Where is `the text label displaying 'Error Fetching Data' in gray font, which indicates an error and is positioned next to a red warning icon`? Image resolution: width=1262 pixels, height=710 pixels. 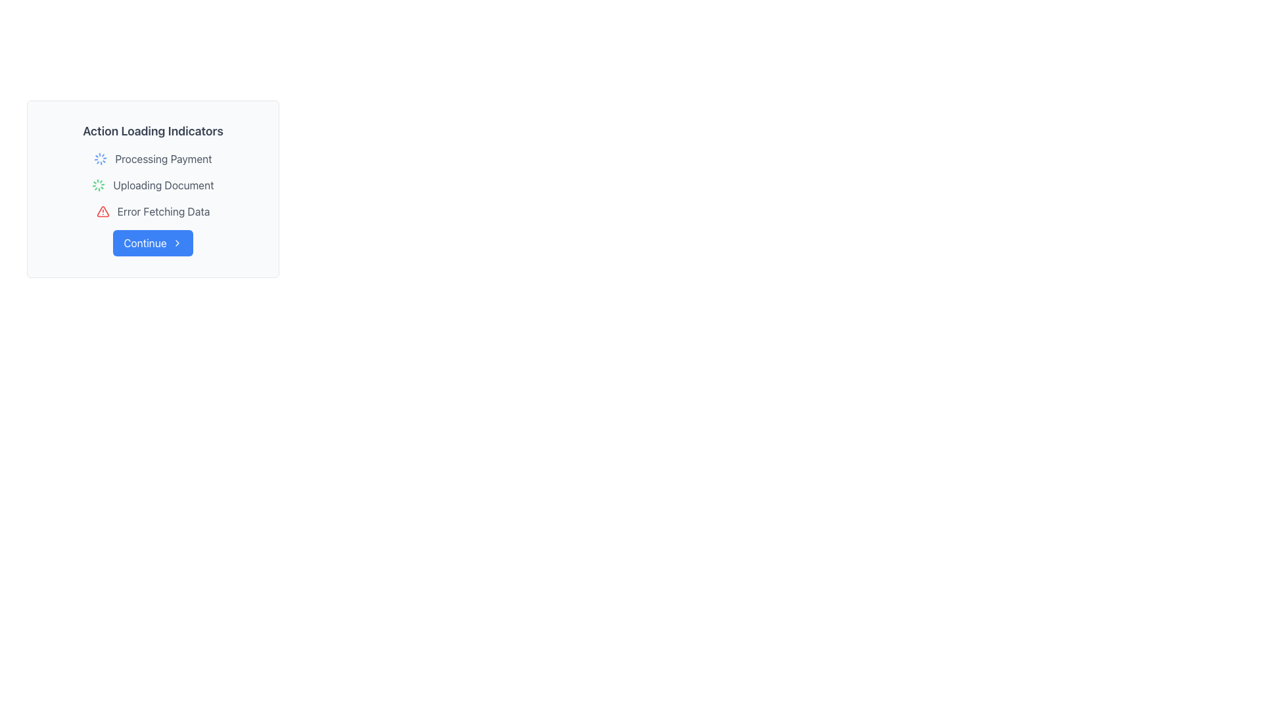
the text label displaying 'Error Fetching Data' in gray font, which indicates an error and is positioned next to a red warning icon is located at coordinates (163, 210).